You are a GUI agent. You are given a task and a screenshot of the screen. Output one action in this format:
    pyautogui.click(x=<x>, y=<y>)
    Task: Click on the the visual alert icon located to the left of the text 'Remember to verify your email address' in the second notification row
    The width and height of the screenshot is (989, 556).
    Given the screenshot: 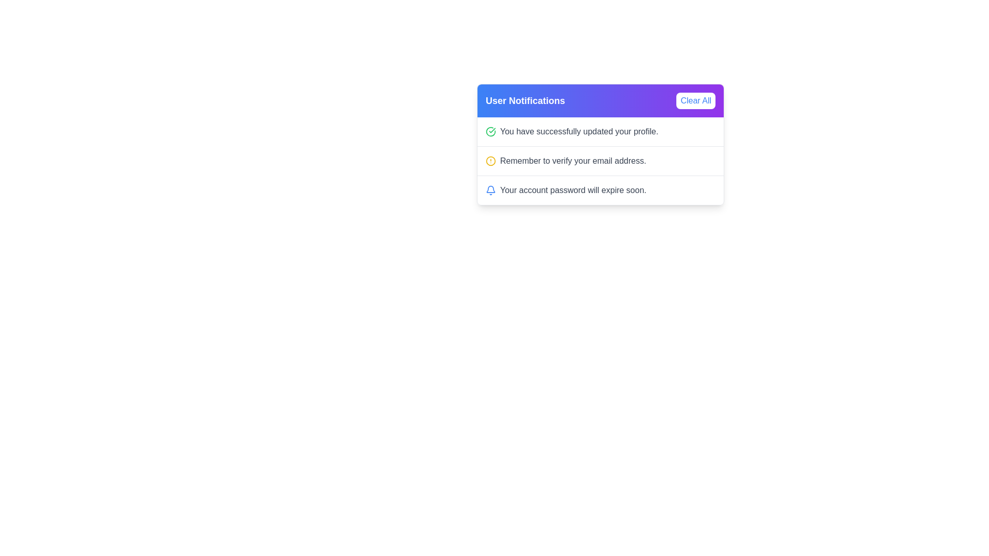 What is the action you would take?
    pyautogui.click(x=490, y=161)
    